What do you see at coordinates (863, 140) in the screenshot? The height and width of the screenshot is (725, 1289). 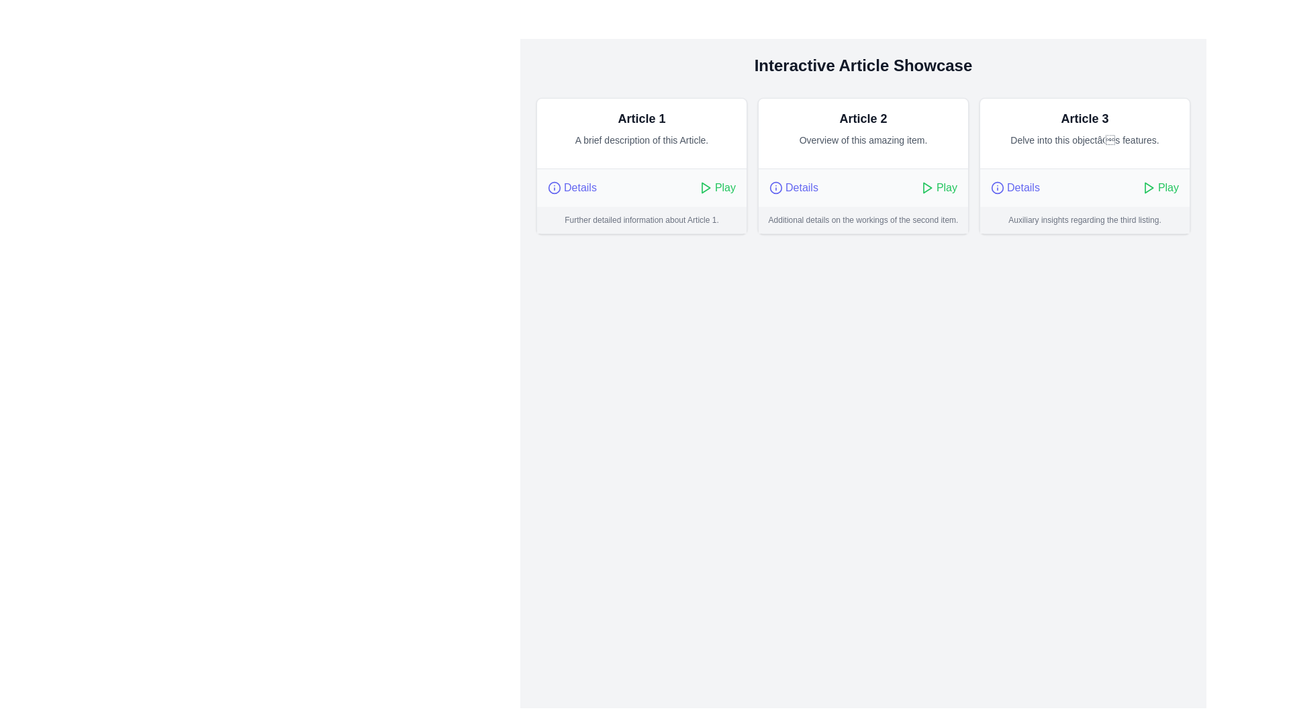 I see `the text label that contains the sentence 'Overview of this amazing item.' located within the 'Article 2' section, which is styled with a small gray font and positioned directly below the title 'Article 2'` at bounding box center [863, 140].